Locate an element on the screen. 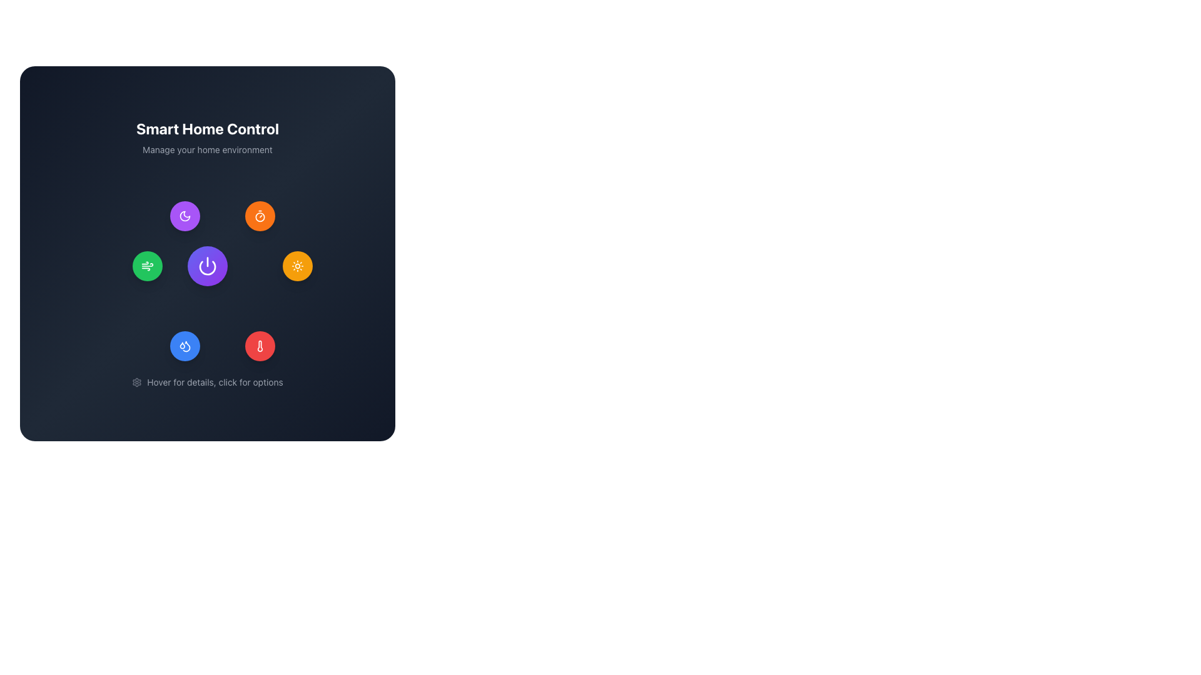 Image resolution: width=1201 pixels, height=675 pixels. the wind control icon, which is represented by a white outlined icon on a vibrant green circular background, located below the label 'Smart Home Control' is located at coordinates (147, 265).